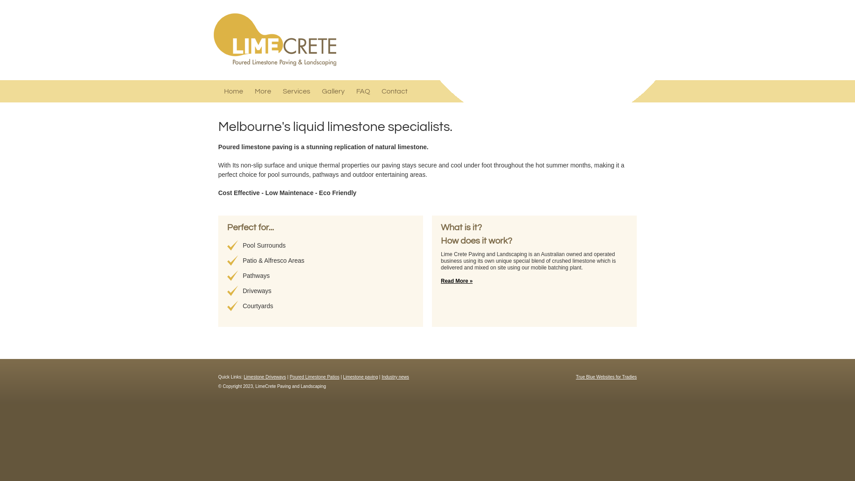  I want to click on 'Poured Limestone Patios', so click(314, 377).